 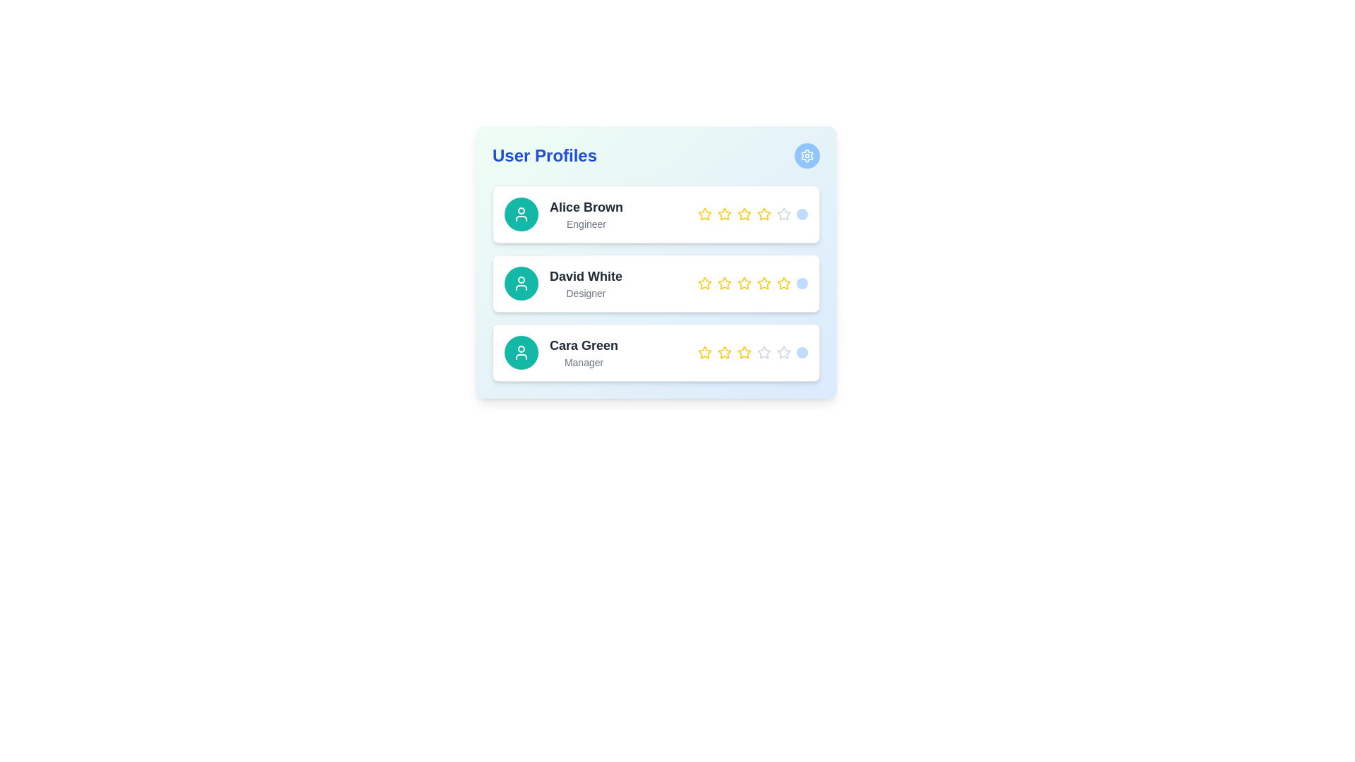 What do you see at coordinates (704, 351) in the screenshot?
I see `the first star icon in the rating system for the user profile 'Cara Green'` at bounding box center [704, 351].